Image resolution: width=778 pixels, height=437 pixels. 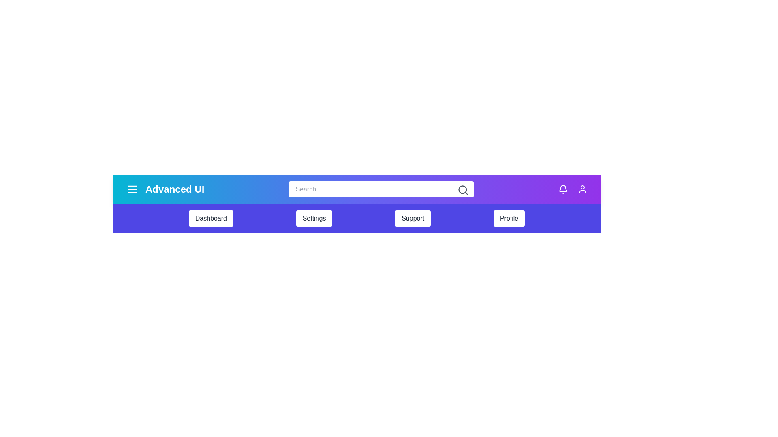 What do you see at coordinates (509, 218) in the screenshot?
I see `the navigation item Profile` at bounding box center [509, 218].